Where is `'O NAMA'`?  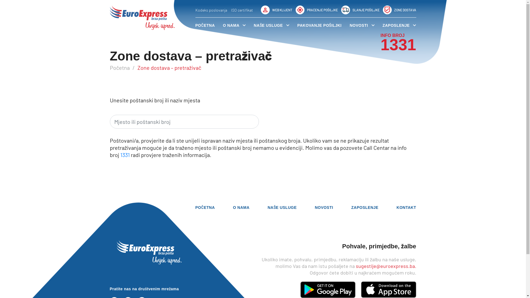
'O NAMA' is located at coordinates (241, 207).